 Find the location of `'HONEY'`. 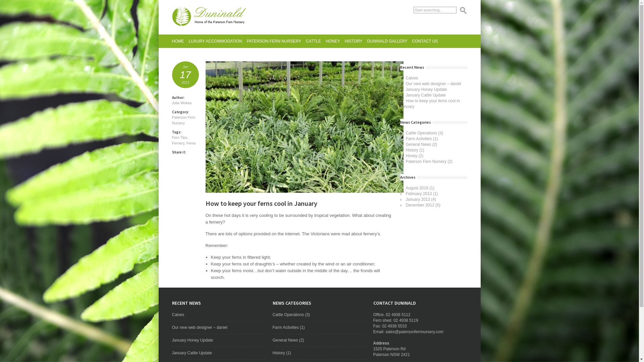

'HONEY' is located at coordinates (333, 41).